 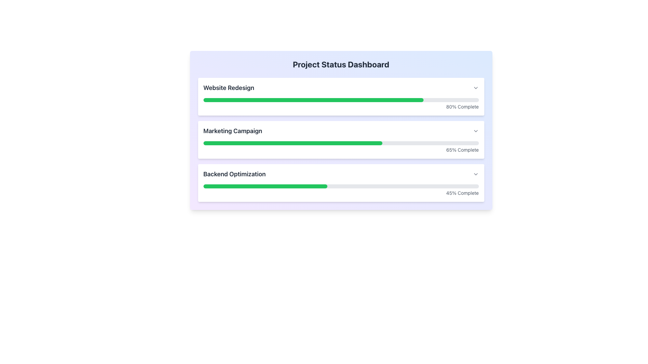 I want to click on the icon button located to the right of the 'Website Redesign' text, so click(x=475, y=88).